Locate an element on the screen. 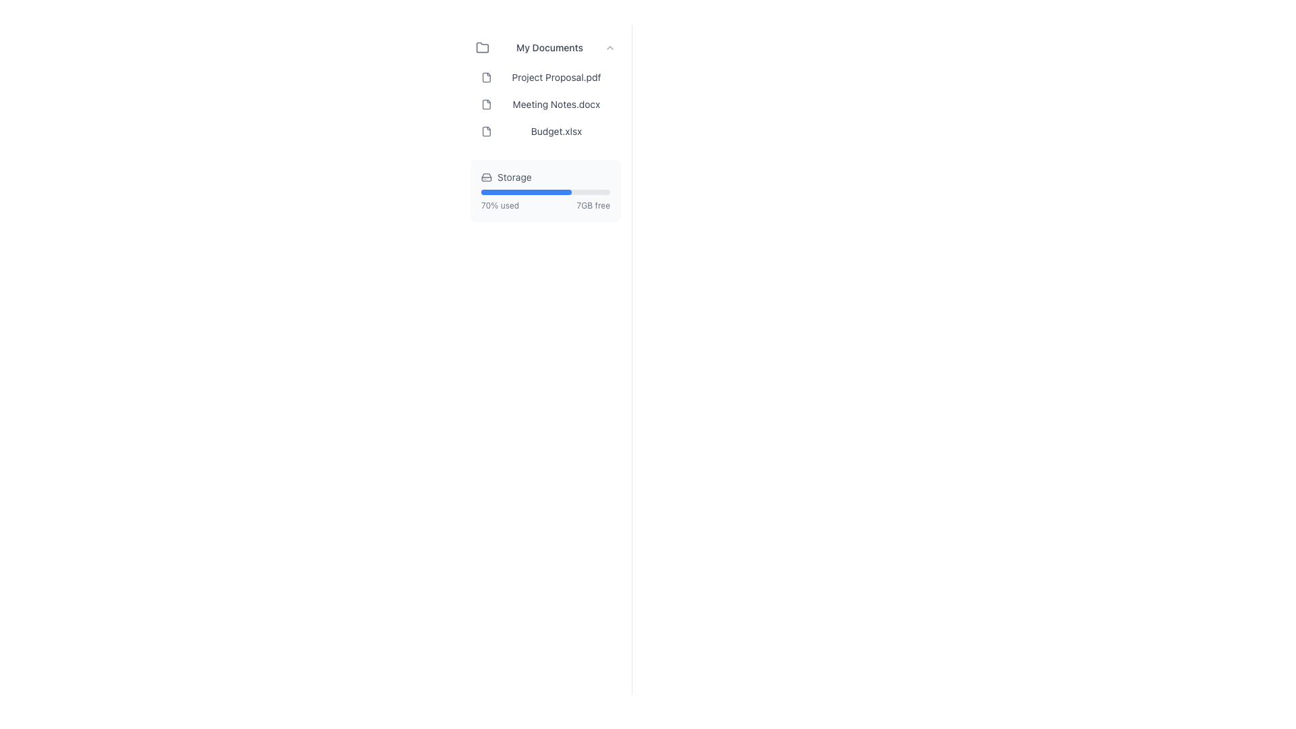 This screenshot has height=729, width=1296. the informational text label that shows the remaining free storage capacity, located at the bottom-right corner of the 'Storage' section, to the right of the '70% used' label is located at coordinates (593, 205).